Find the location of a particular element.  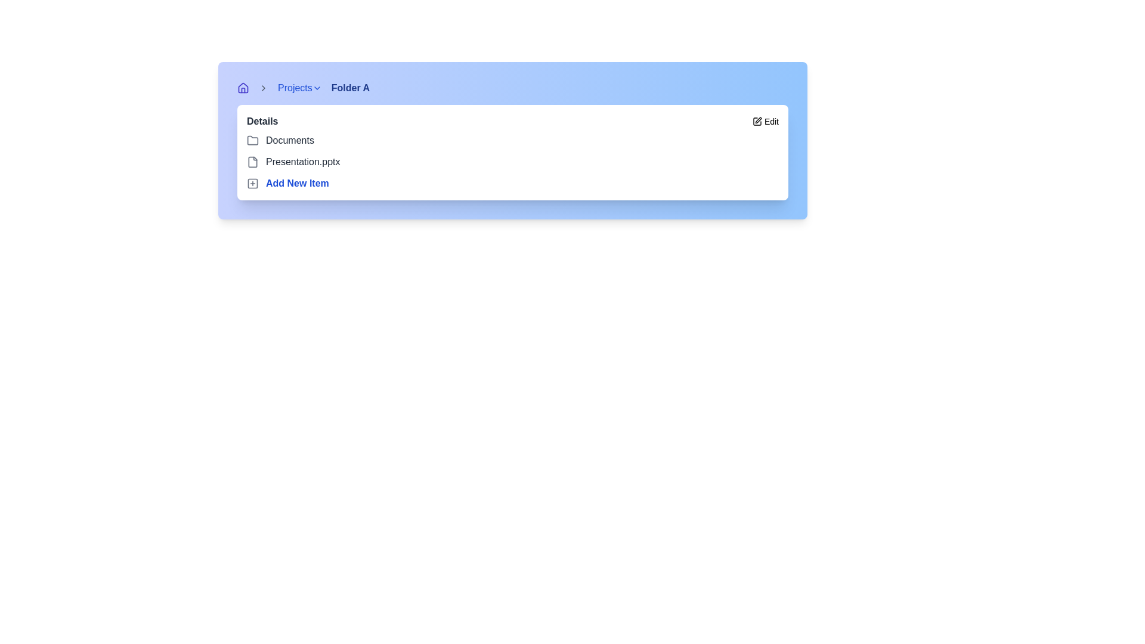

the static text label 'Add New Item' which is styled in blue bold font and positioned beside a plus sign icon, located below the 'Details' folder contents is located at coordinates (297, 184).